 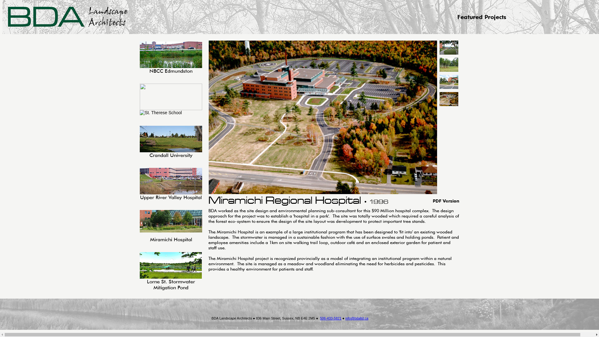 I want to click on '506-433-5821', so click(x=330, y=318).